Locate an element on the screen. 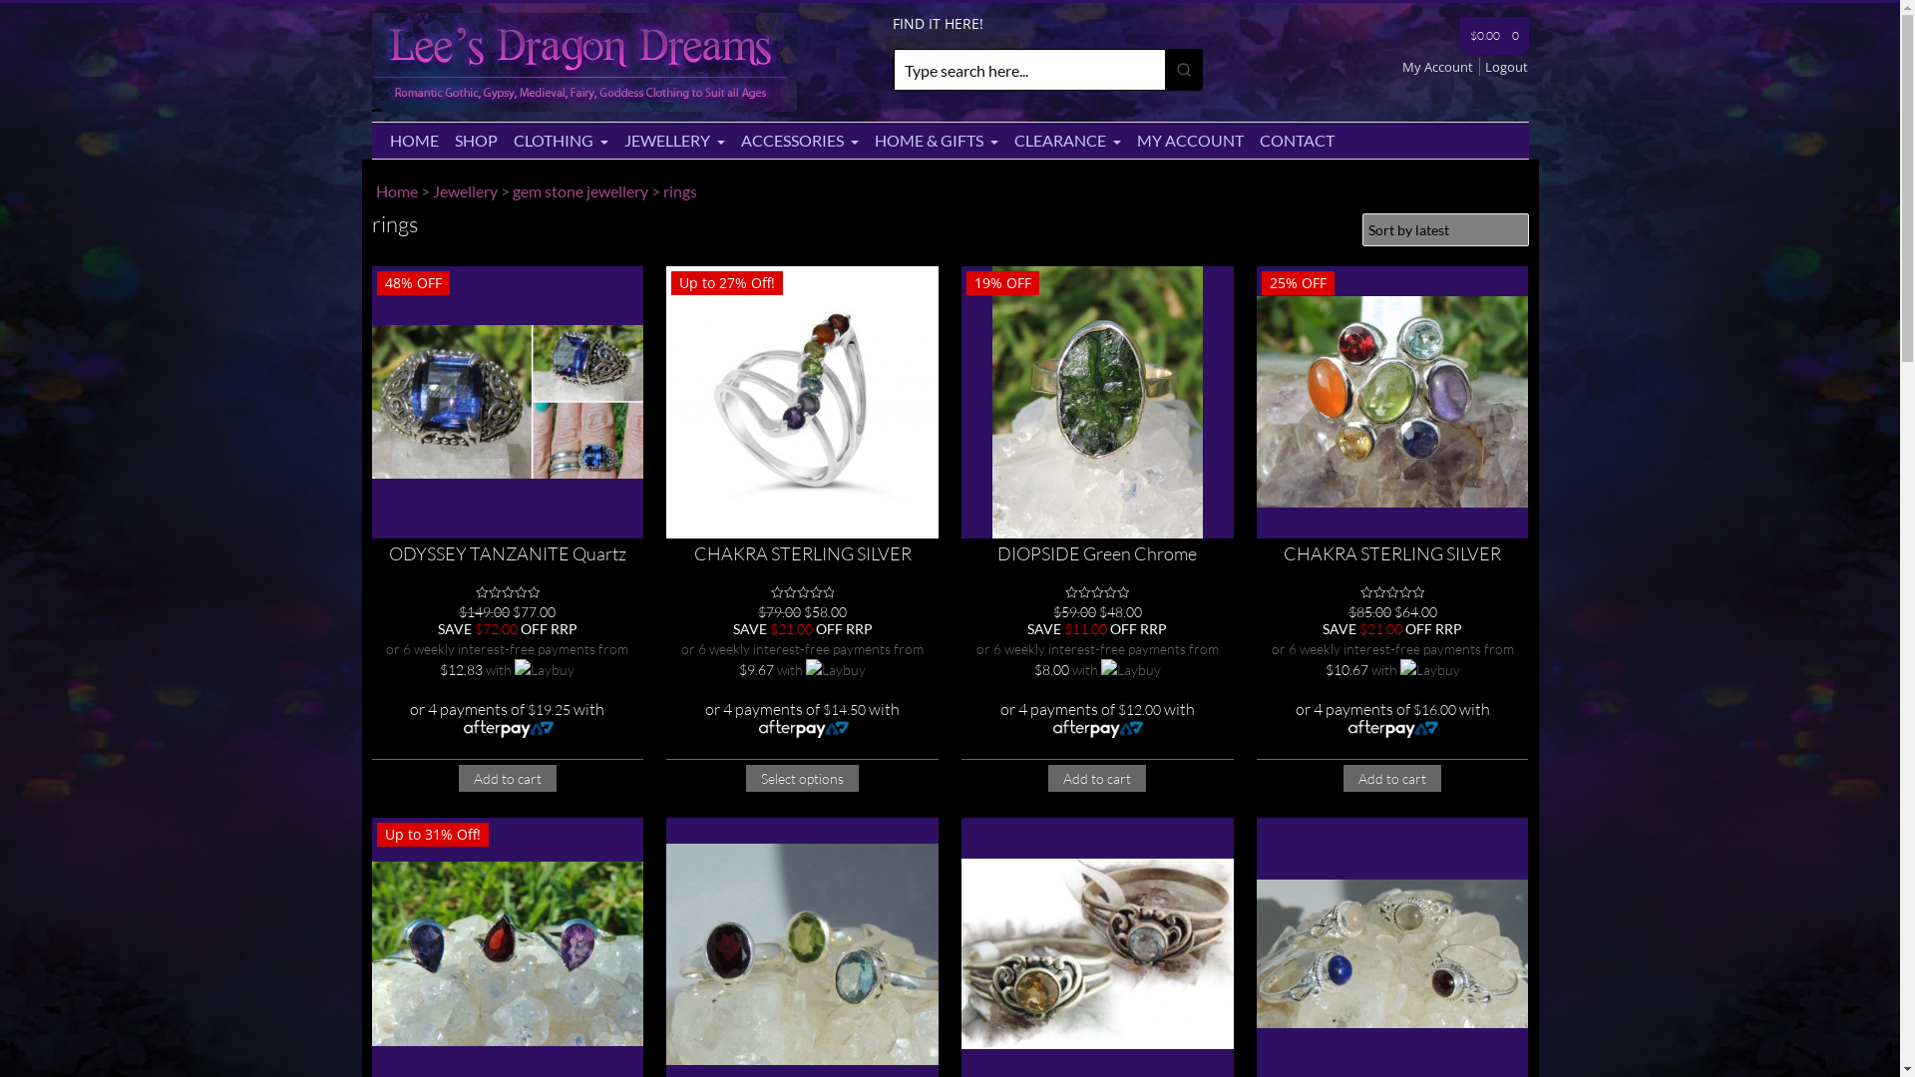 The height and width of the screenshot is (1077, 1915). 'HOME' is located at coordinates (412, 140).